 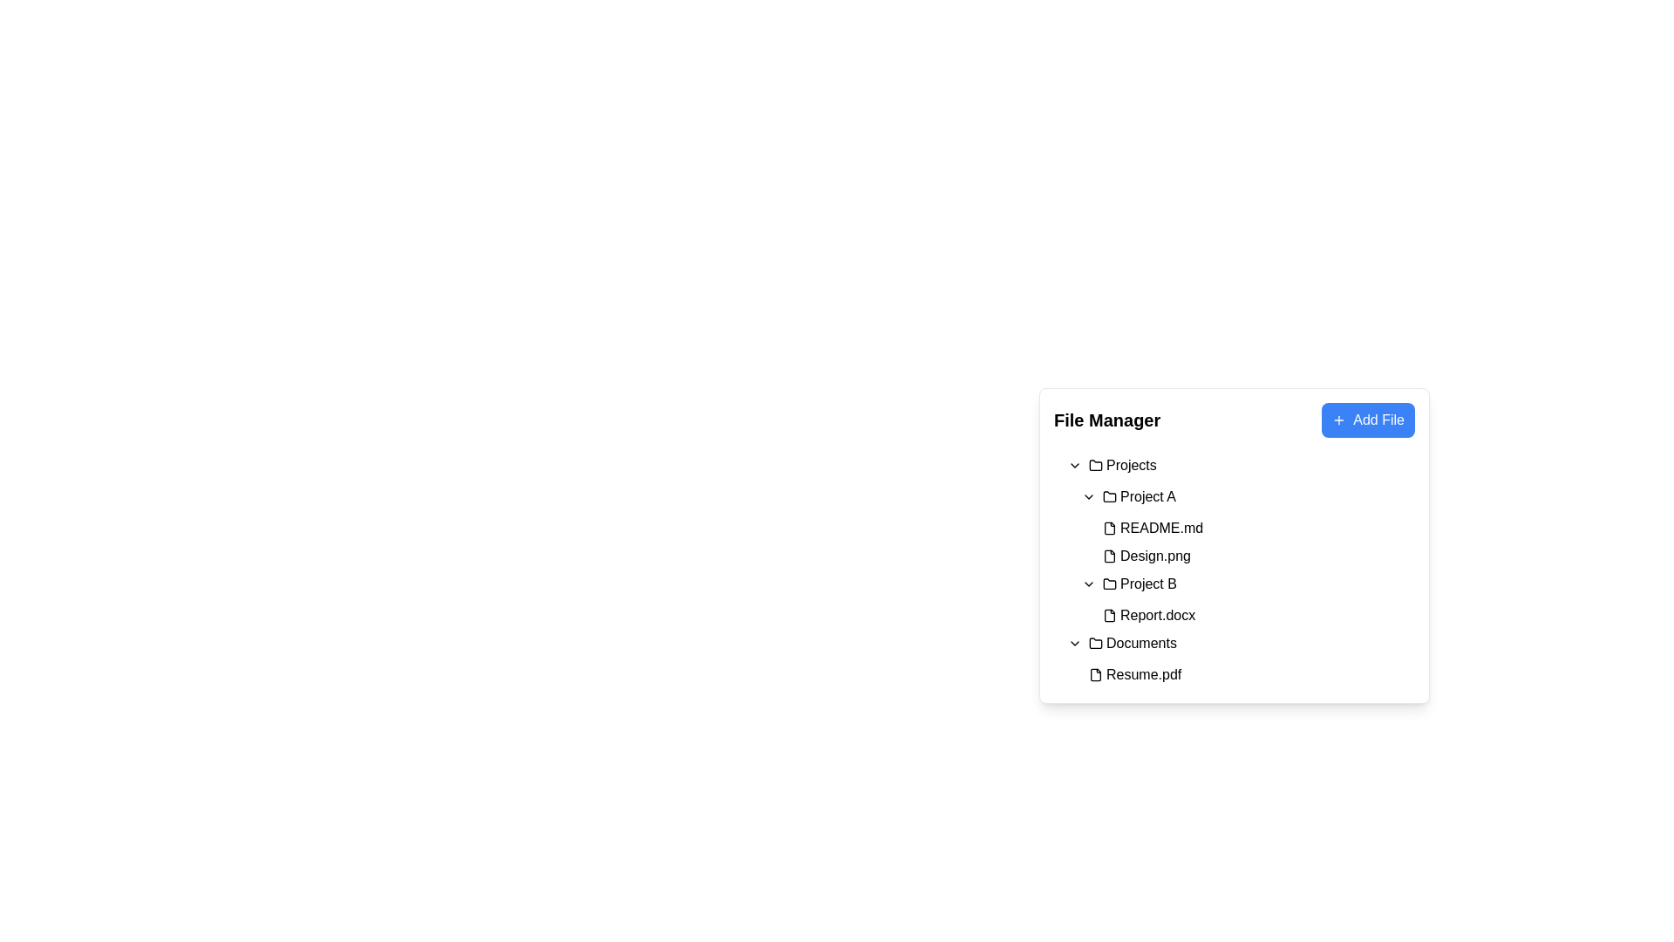 I want to click on the Dropdown Toggle Icon located to the left of the text 'Project A', so click(x=1087, y=497).